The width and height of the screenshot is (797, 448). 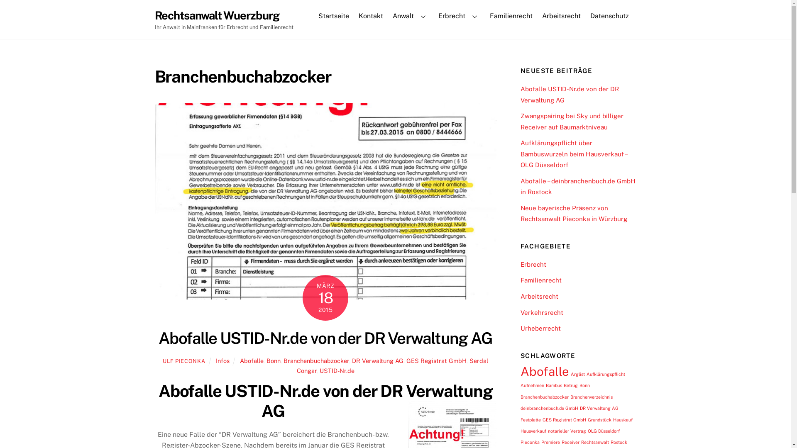 What do you see at coordinates (599, 407) in the screenshot?
I see `'DR Verwaltung AG'` at bounding box center [599, 407].